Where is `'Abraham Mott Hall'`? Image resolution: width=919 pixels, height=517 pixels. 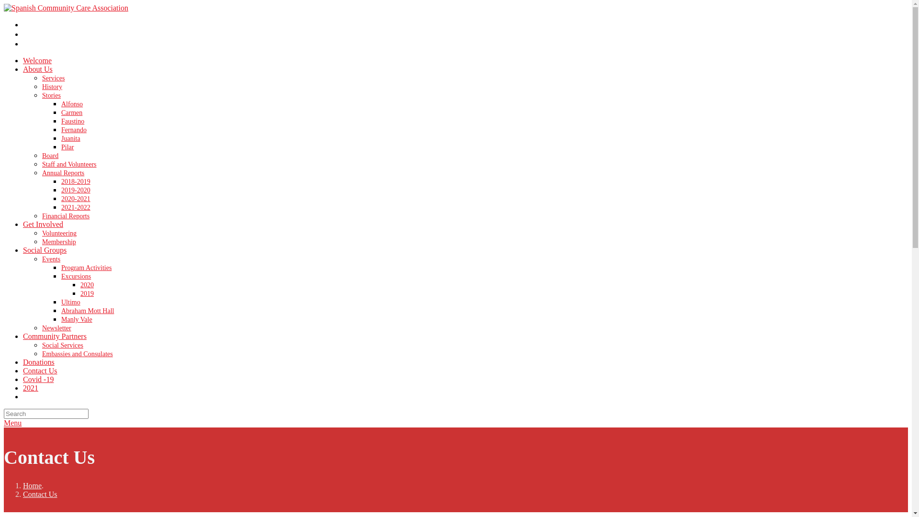 'Abraham Mott Hall' is located at coordinates (87, 311).